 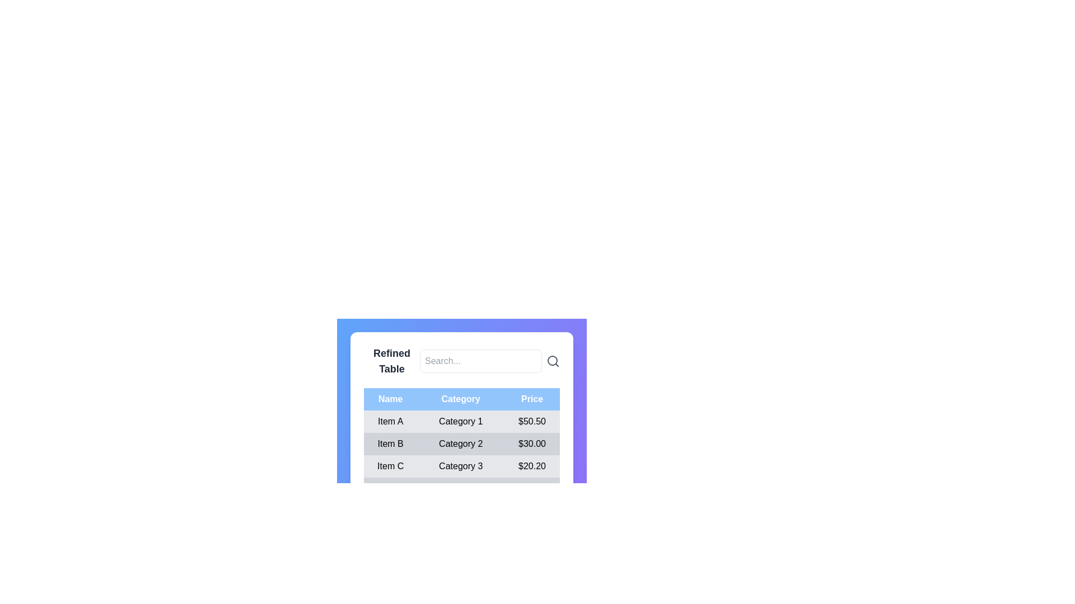 I want to click on the second row of the data table that contains 'Item B', 'Category 2', and '$30.00', so click(x=462, y=443).